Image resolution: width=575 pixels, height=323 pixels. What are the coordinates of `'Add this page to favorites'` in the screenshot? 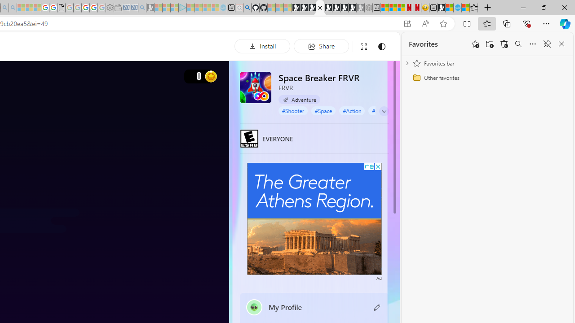 It's located at (475, 44).